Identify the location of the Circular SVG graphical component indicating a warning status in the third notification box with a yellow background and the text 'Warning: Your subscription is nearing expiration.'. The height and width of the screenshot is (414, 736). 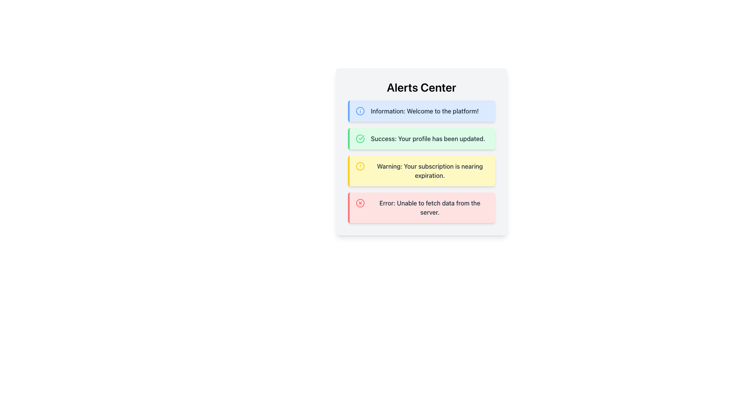
(360, 166).